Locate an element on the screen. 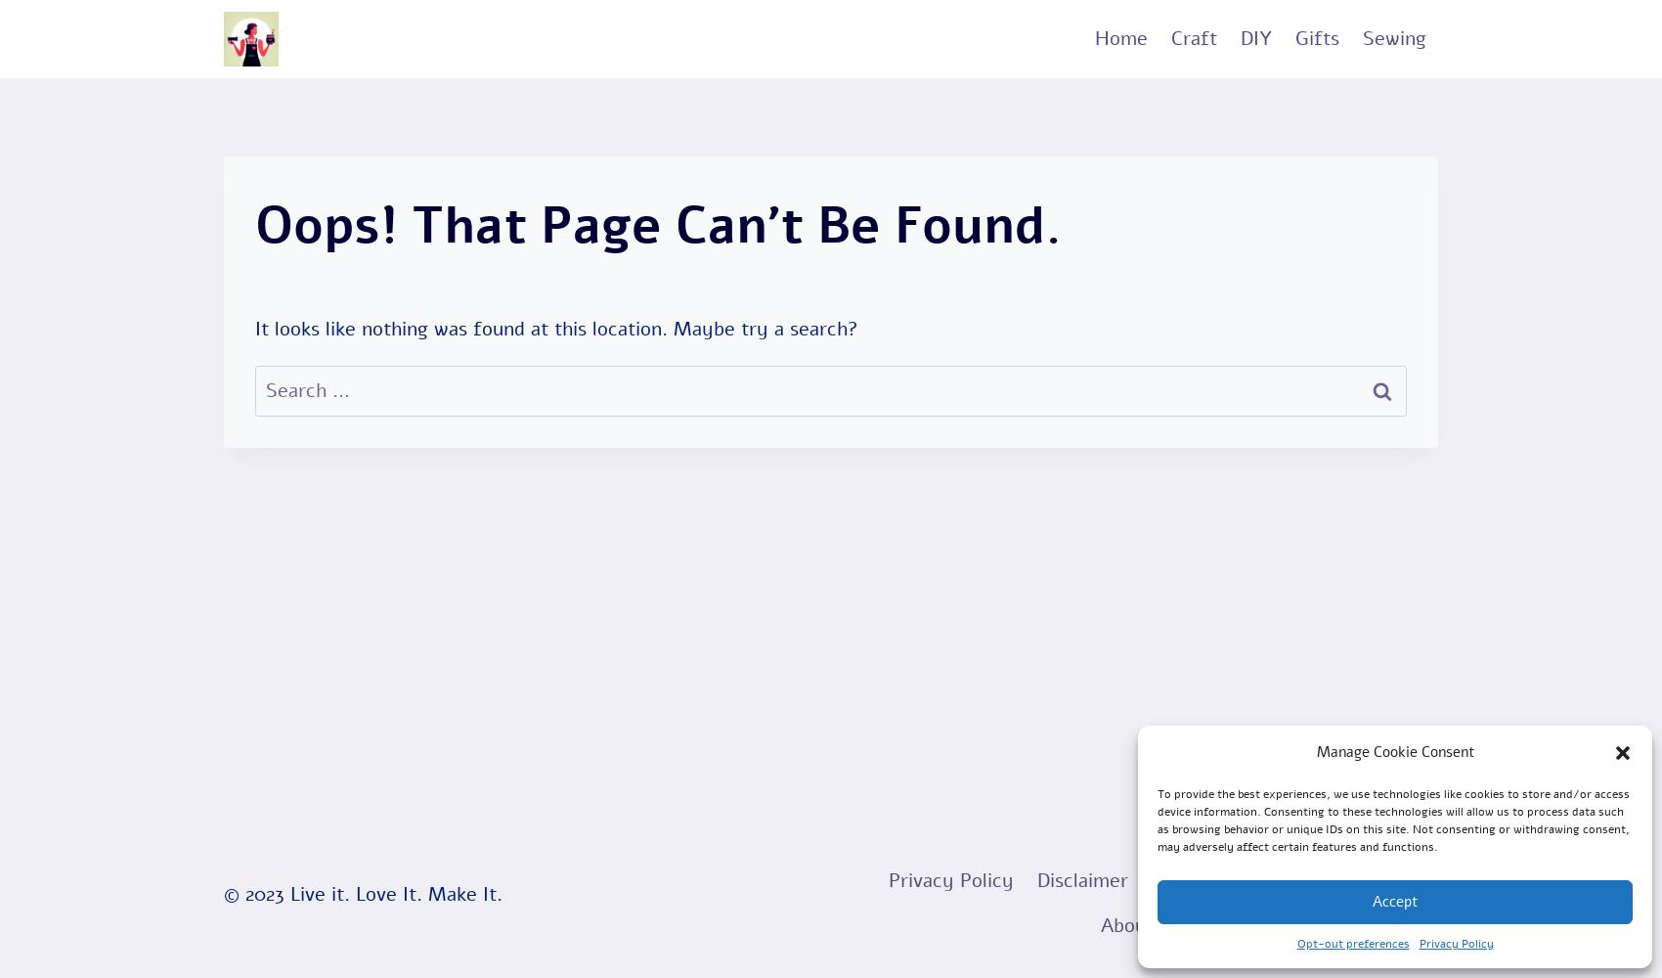 This screenshot has width=1662, height=978. 'Home' is located at coordinates (1120, 38).